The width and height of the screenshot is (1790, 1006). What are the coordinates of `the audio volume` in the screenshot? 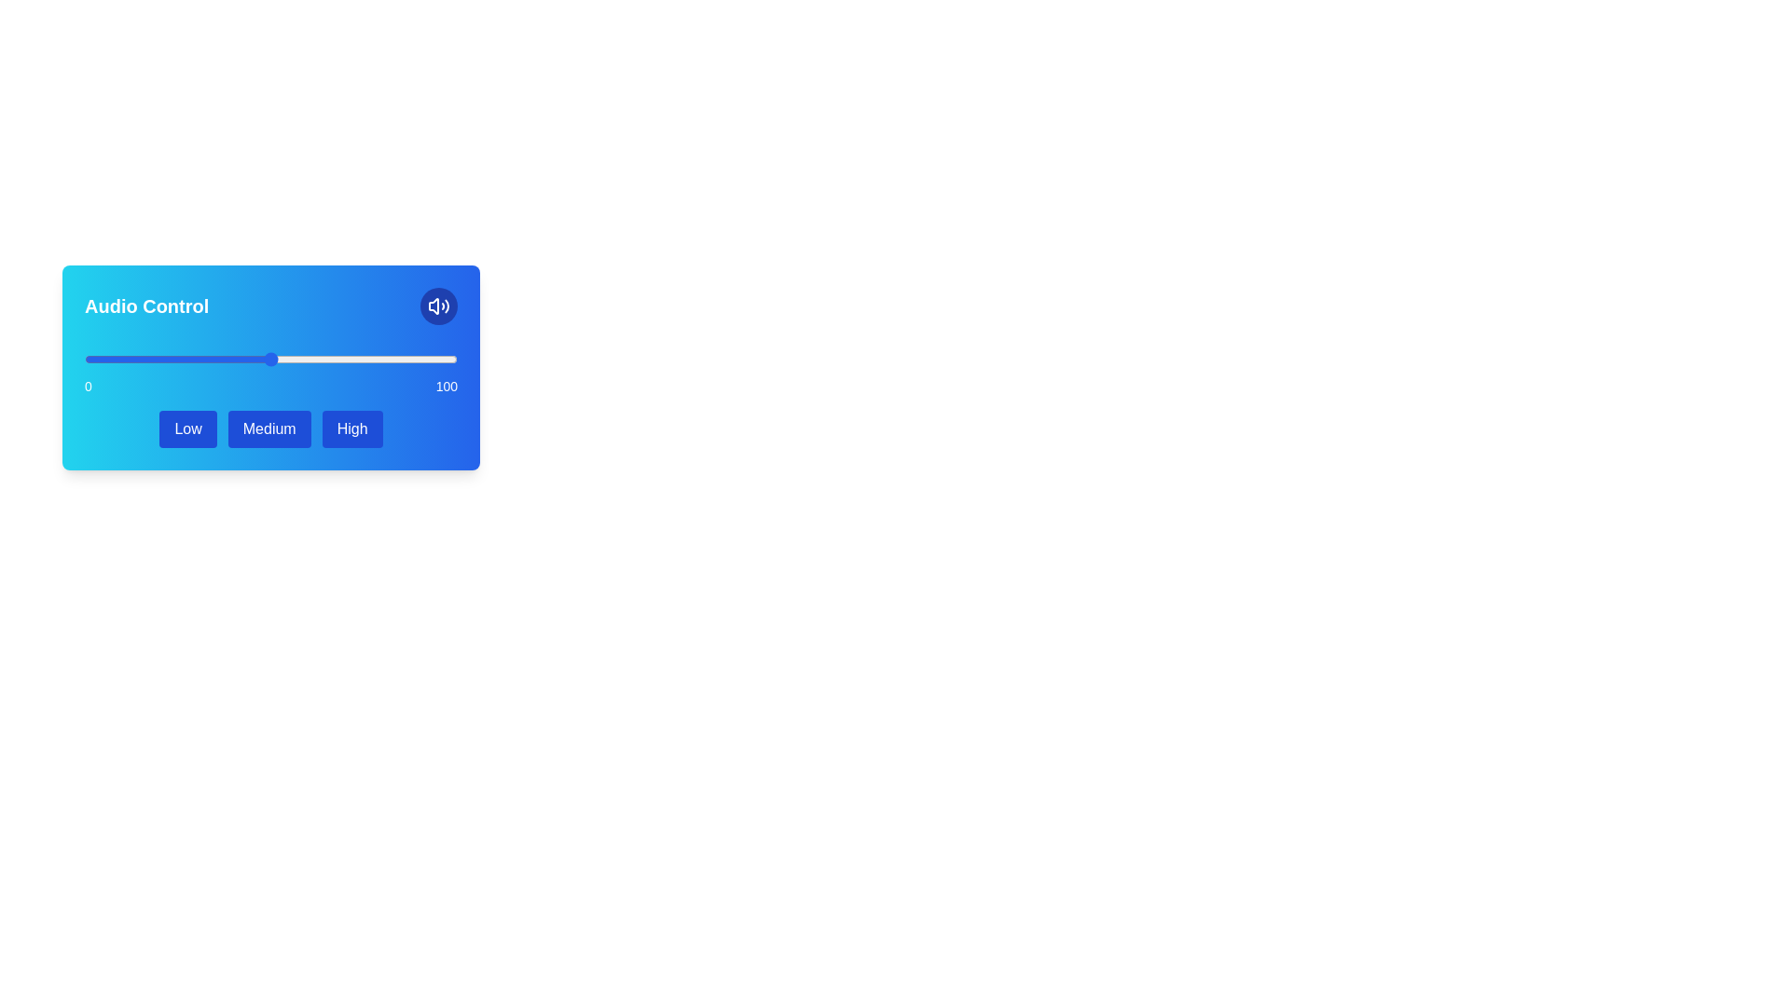 It's located at (309, 359).